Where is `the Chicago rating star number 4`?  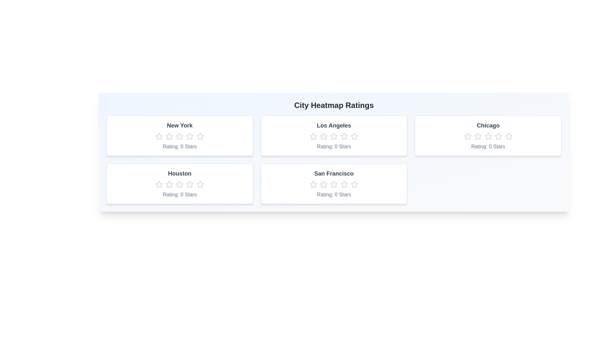
the Chicago rating star number 4 is located at coordinates (498, 136).